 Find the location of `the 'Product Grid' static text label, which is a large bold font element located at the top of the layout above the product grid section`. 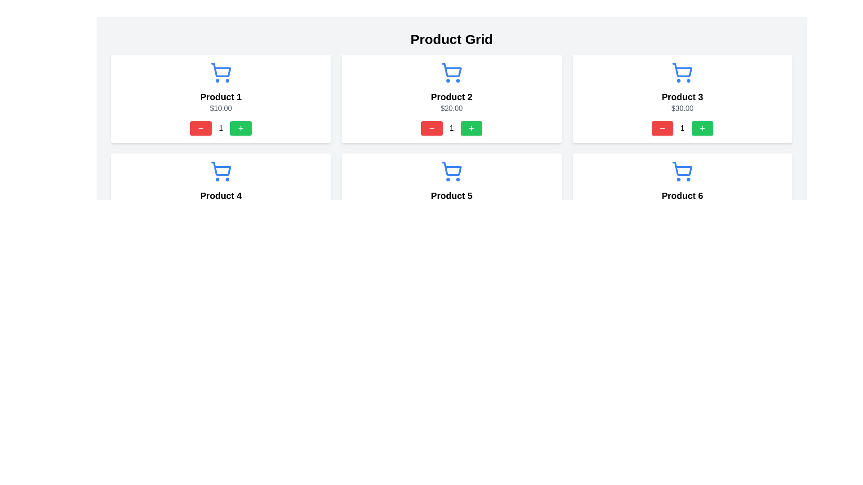

the 'Product Grid' static text label, which is a large bold font element located at the top of the layout above the product grid section is located at coordinates (451, 39).